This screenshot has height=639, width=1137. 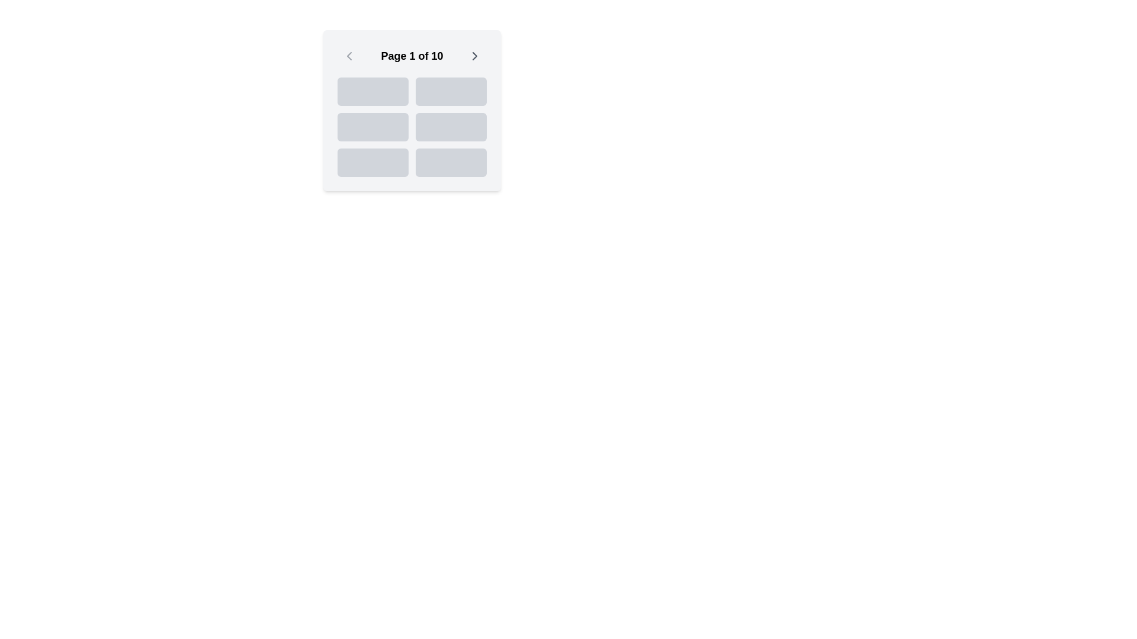 What do you see at coordinates (474, 56) in the screenshot?
I see `the right arrow icon in the navigation section` at bounding box center [474, 56].